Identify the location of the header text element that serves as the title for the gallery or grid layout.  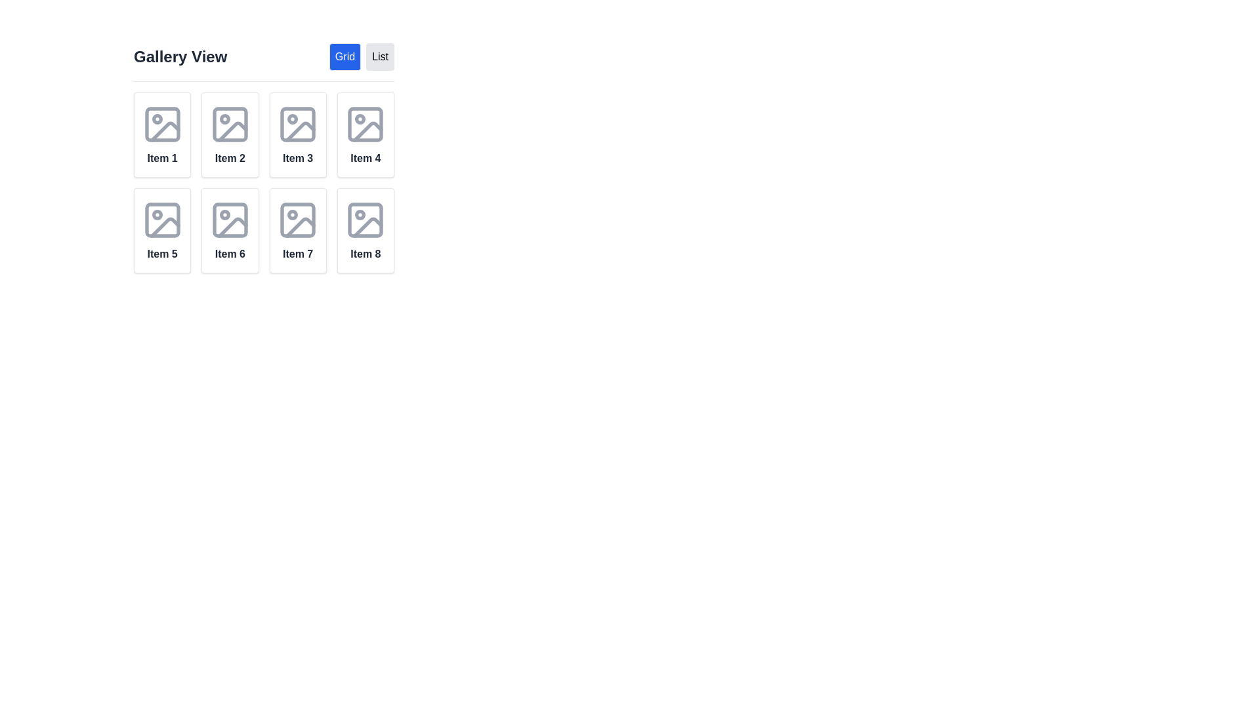
(180, 56).